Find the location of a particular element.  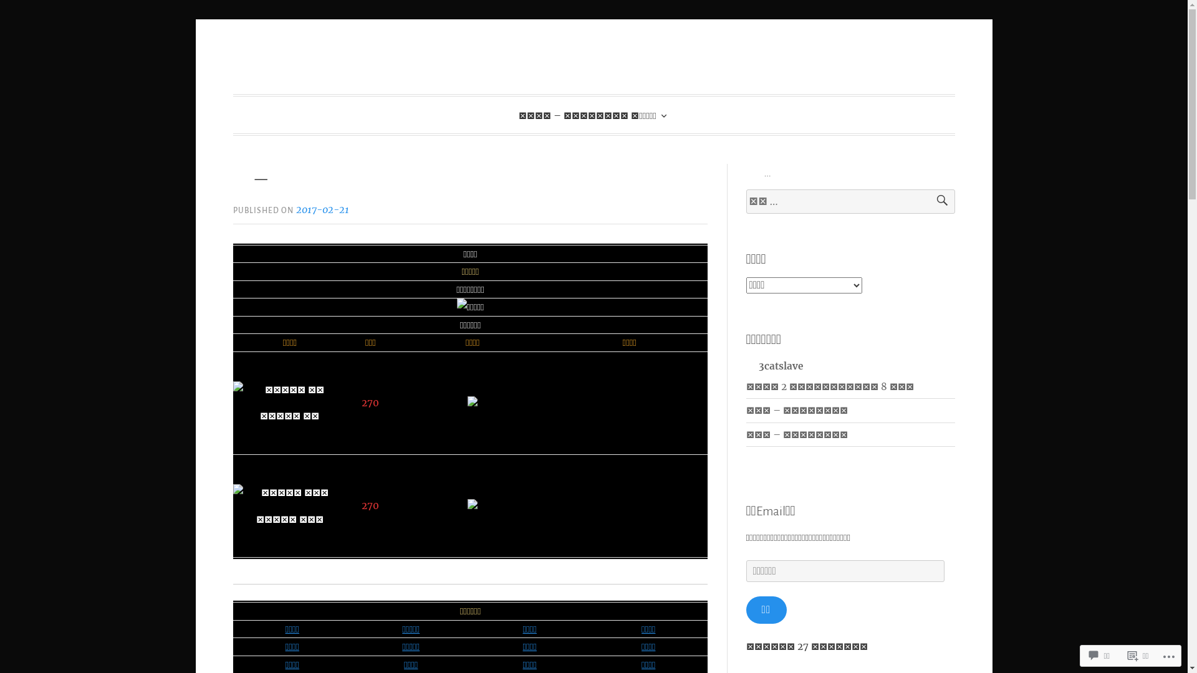

'2017-02-21' is located at coordinates (322, 209).